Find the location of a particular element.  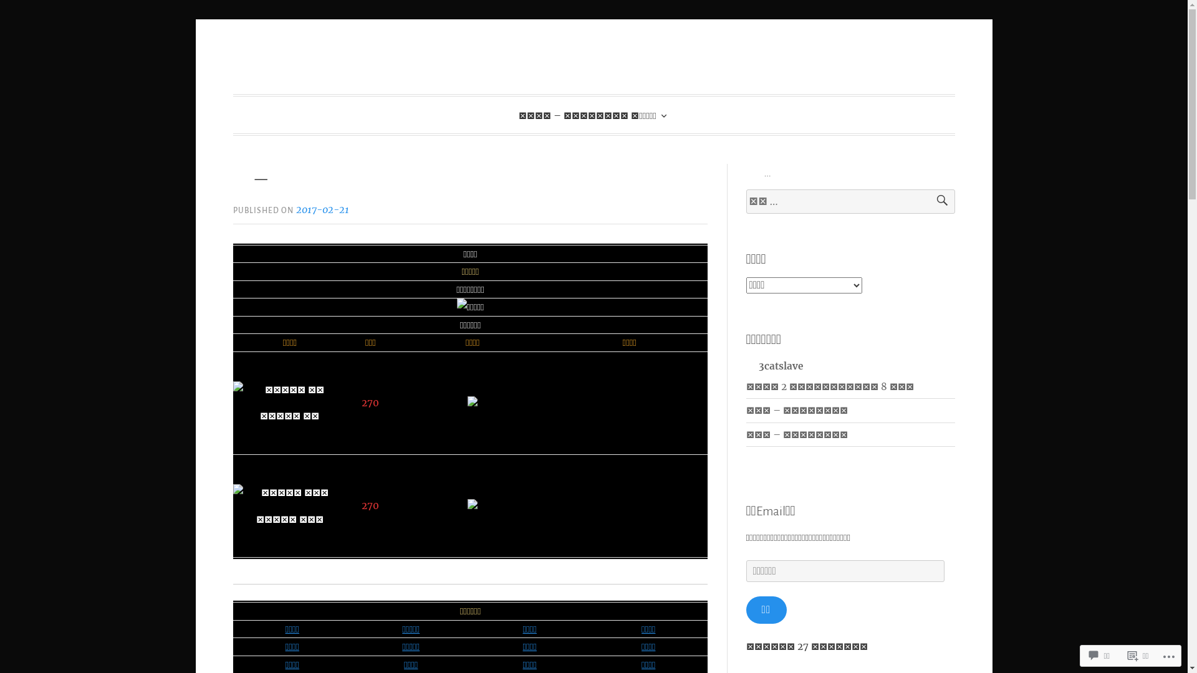

'2017-02-21' is located at coordinates (322, 209).